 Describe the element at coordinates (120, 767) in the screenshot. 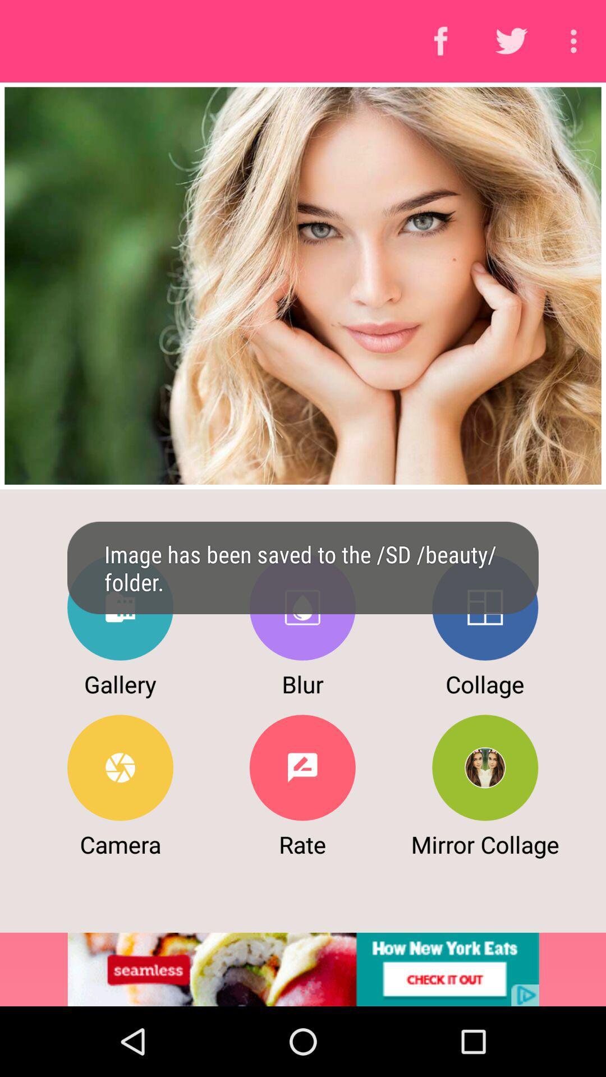

I see `camera option` at that location.